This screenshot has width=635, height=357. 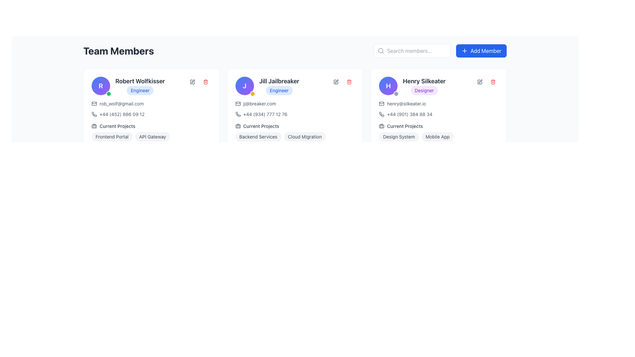 What do you see at coordinates (267, 85) in the screenshot?
I see `the role/title label associated with the user 'Jill Jailbreaker' in the user card layout` at bounding box center [267, 85].